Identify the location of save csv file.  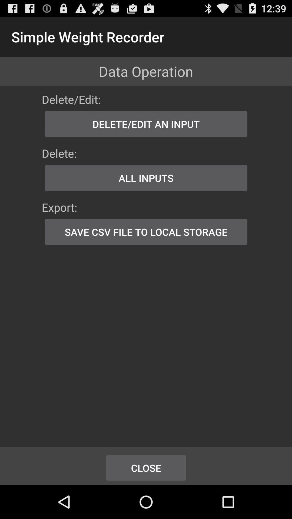
(146, 232).